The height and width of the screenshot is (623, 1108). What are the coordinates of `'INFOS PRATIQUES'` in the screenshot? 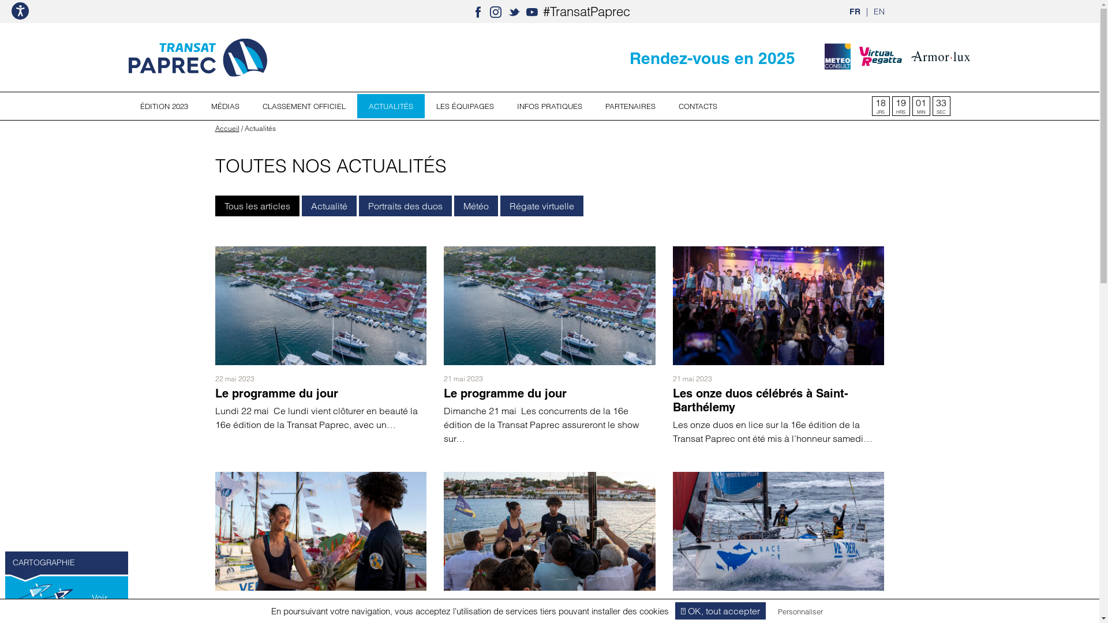 It's located at (505, 106).